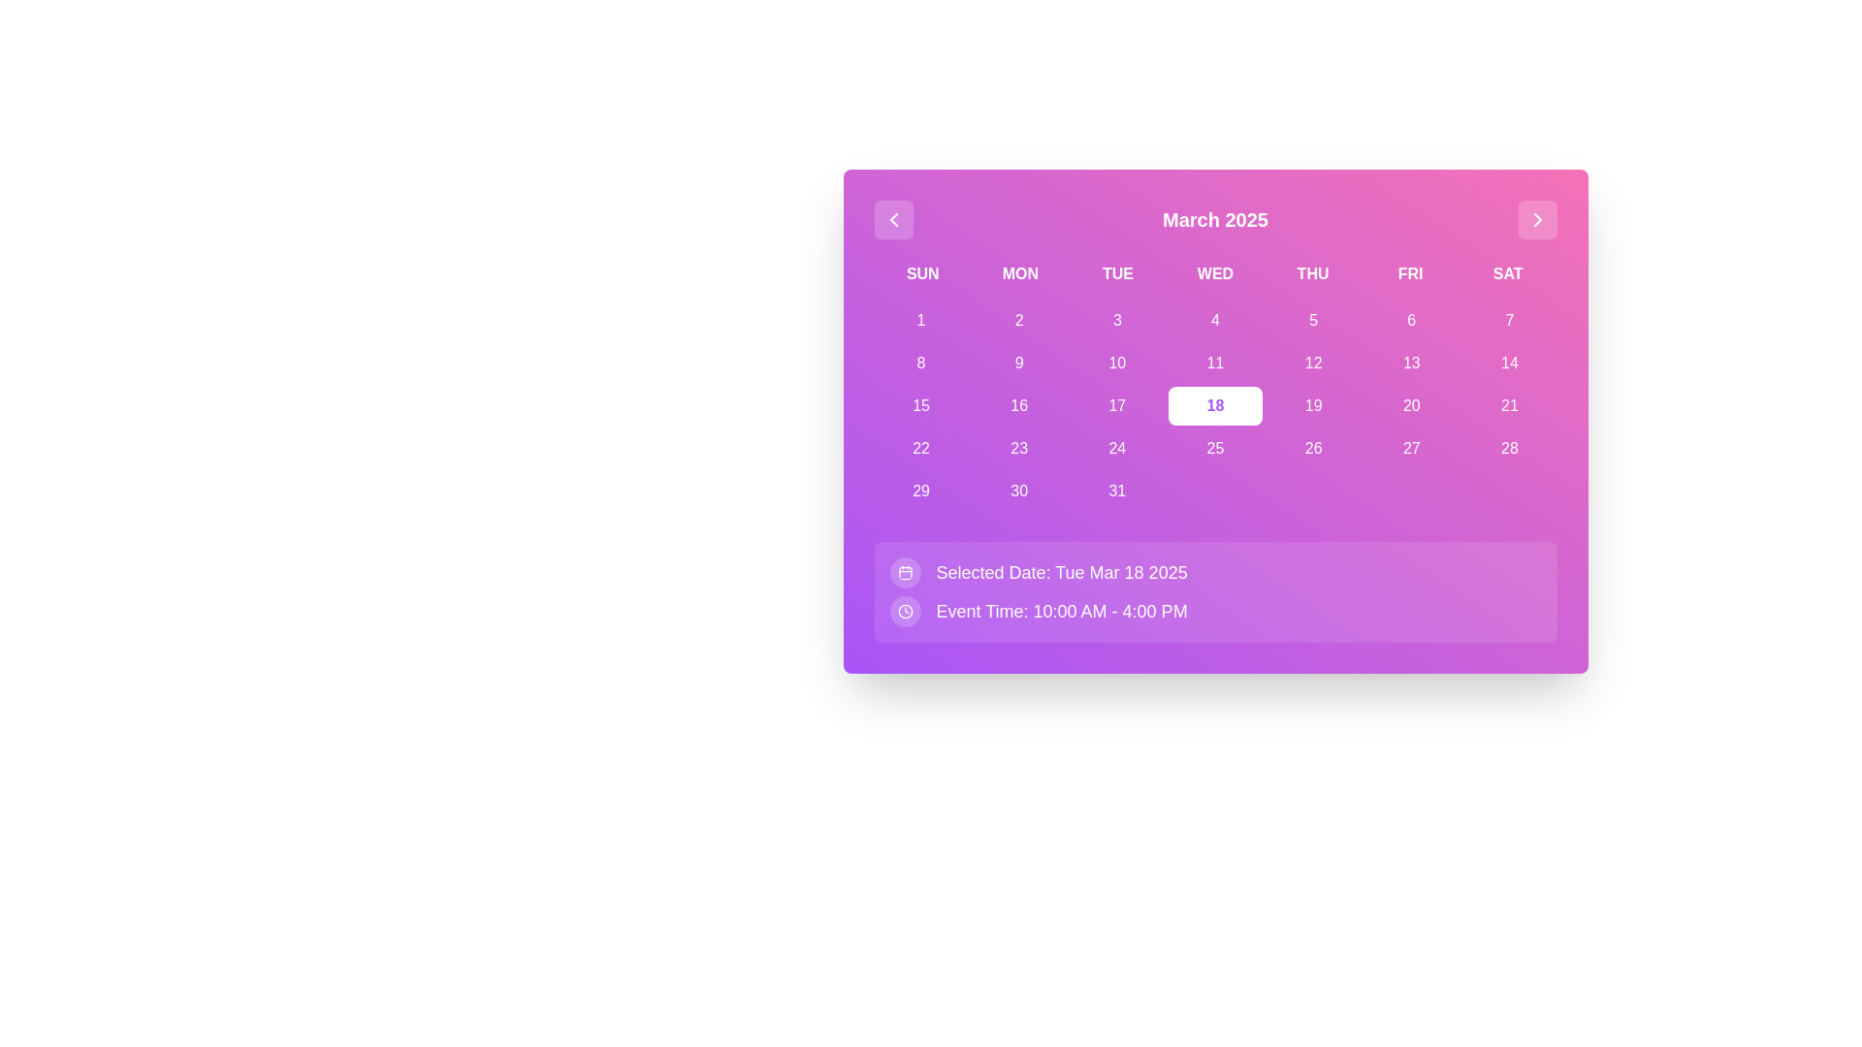 This screenshot has width=1862, height=1047. Describe the element at coordinates (1018, 490) in the screenshot. I see `the rectangular button with a purple background and the number '30' centered in white, located in the bottom-most row of the date-picker grid` at that location.